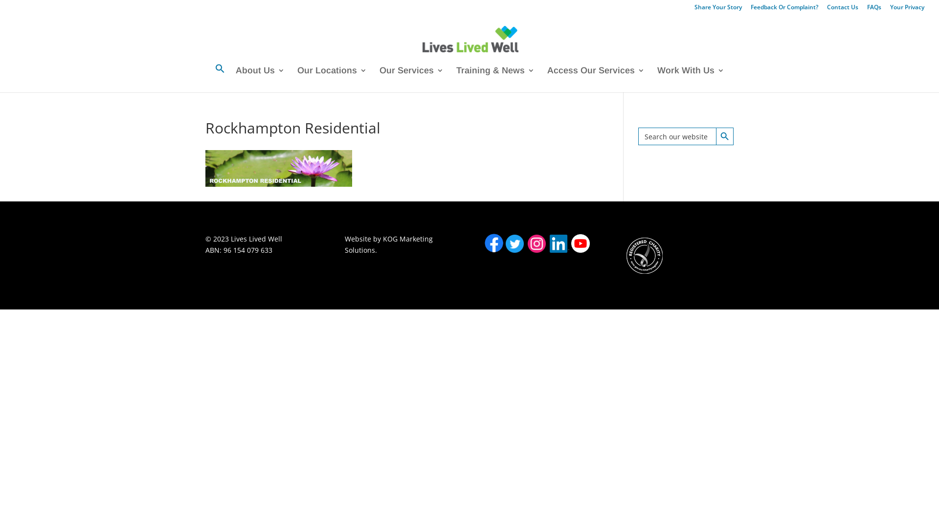 This screenshot has width=939, height=528. Describe the element at coordinates (595, 79) in the screenshot. I see `'Access Our Services'` at that location.